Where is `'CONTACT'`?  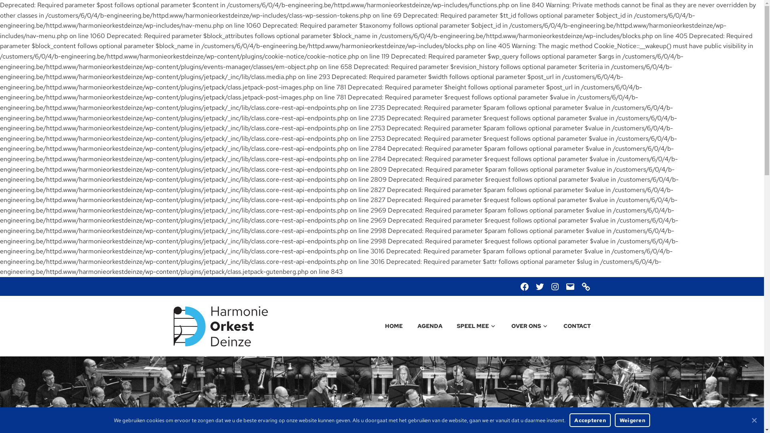
'CONTACT' is located at coordinates (569, 326).